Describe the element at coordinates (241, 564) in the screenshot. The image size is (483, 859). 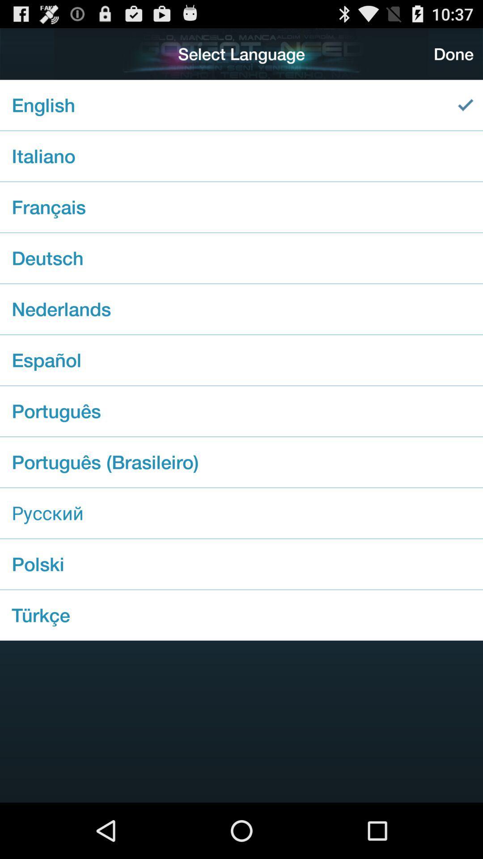
I see `the polski icon` at that location.